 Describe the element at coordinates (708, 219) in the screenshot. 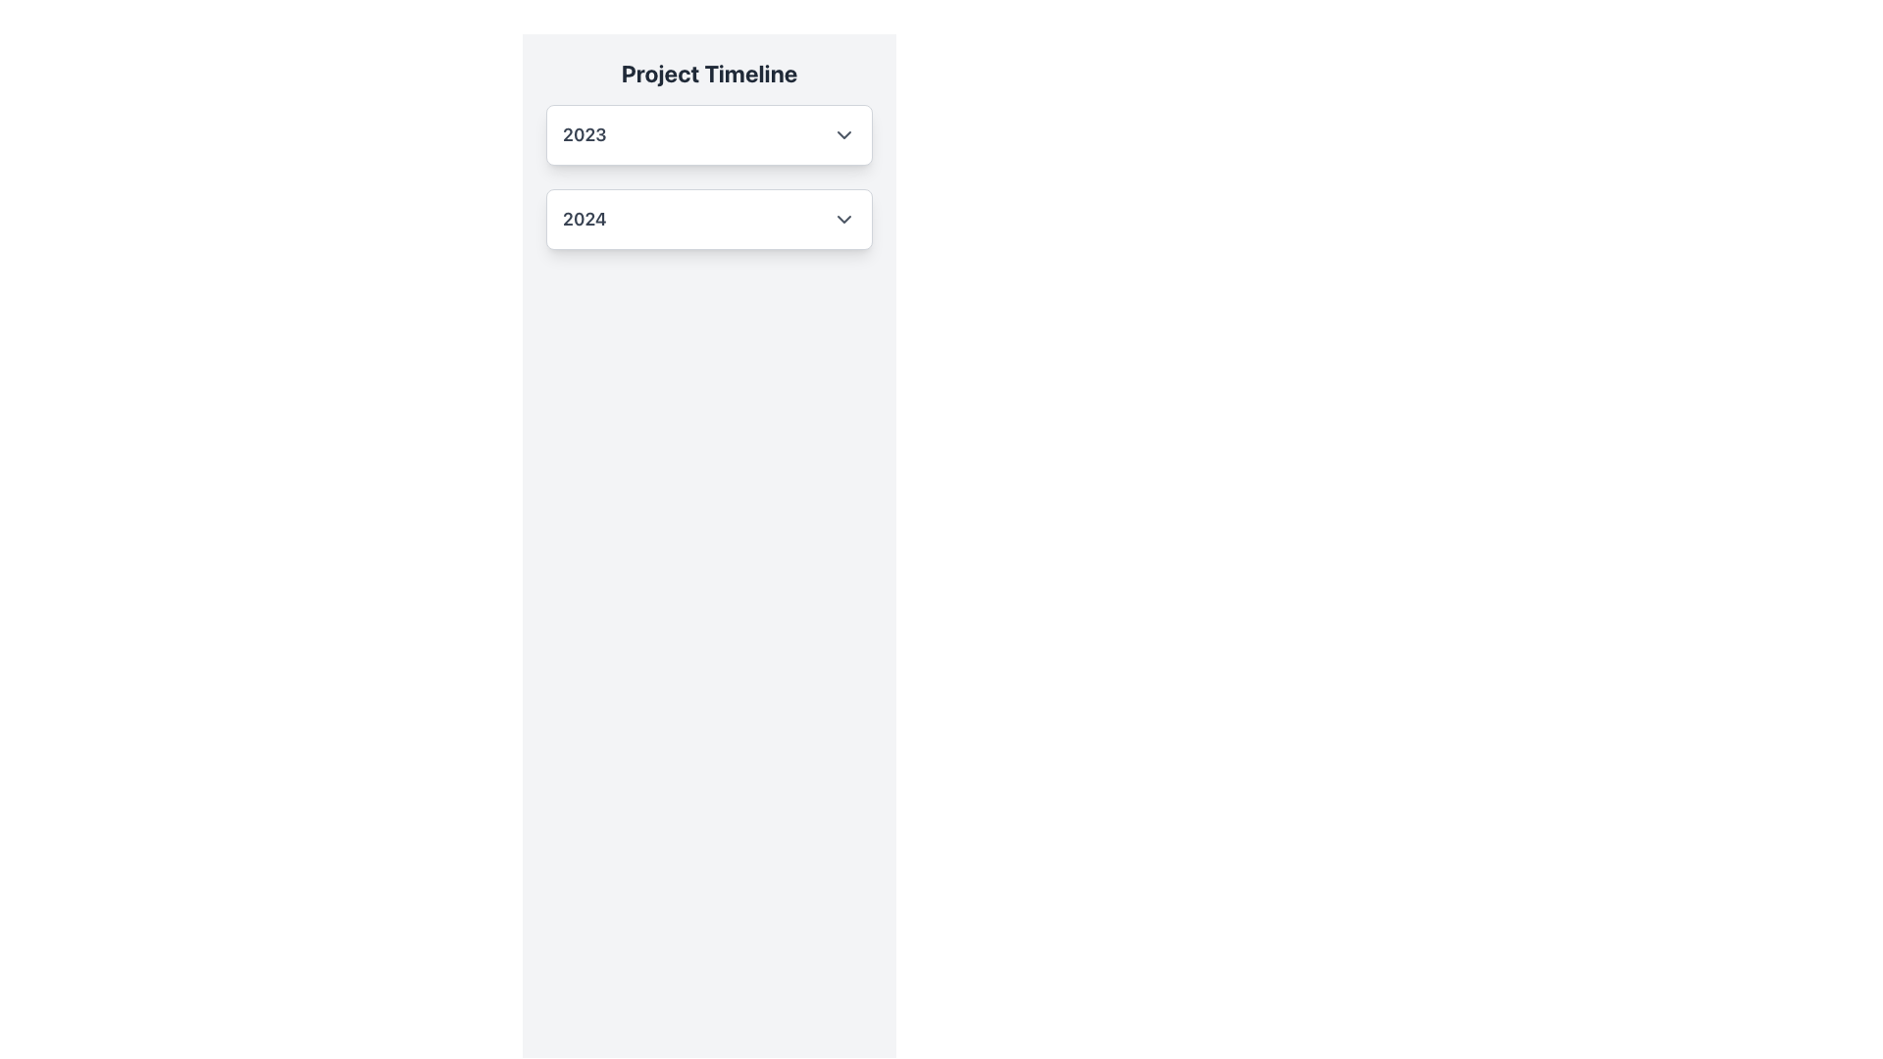

I see `the selectable year option for 2024 located directly below the 2023 option in the dropdown menu` at that location.